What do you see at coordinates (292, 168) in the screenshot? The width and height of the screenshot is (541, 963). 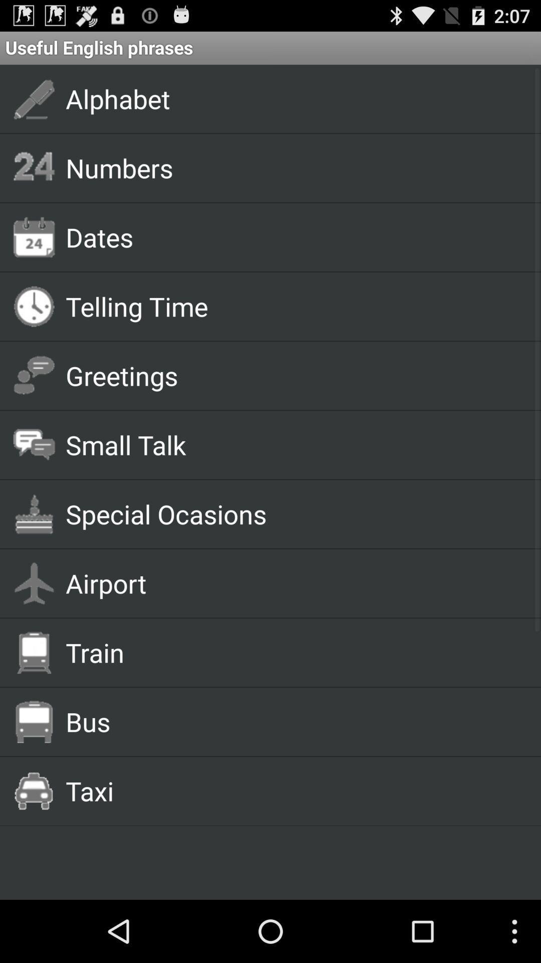 I see `numbers app` at bounding box center [292, 168].